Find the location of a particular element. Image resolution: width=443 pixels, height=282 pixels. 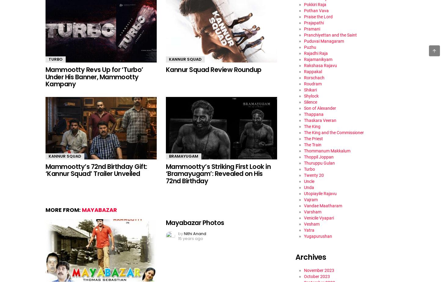

'The Priest' is located at coordinates (313, 138).